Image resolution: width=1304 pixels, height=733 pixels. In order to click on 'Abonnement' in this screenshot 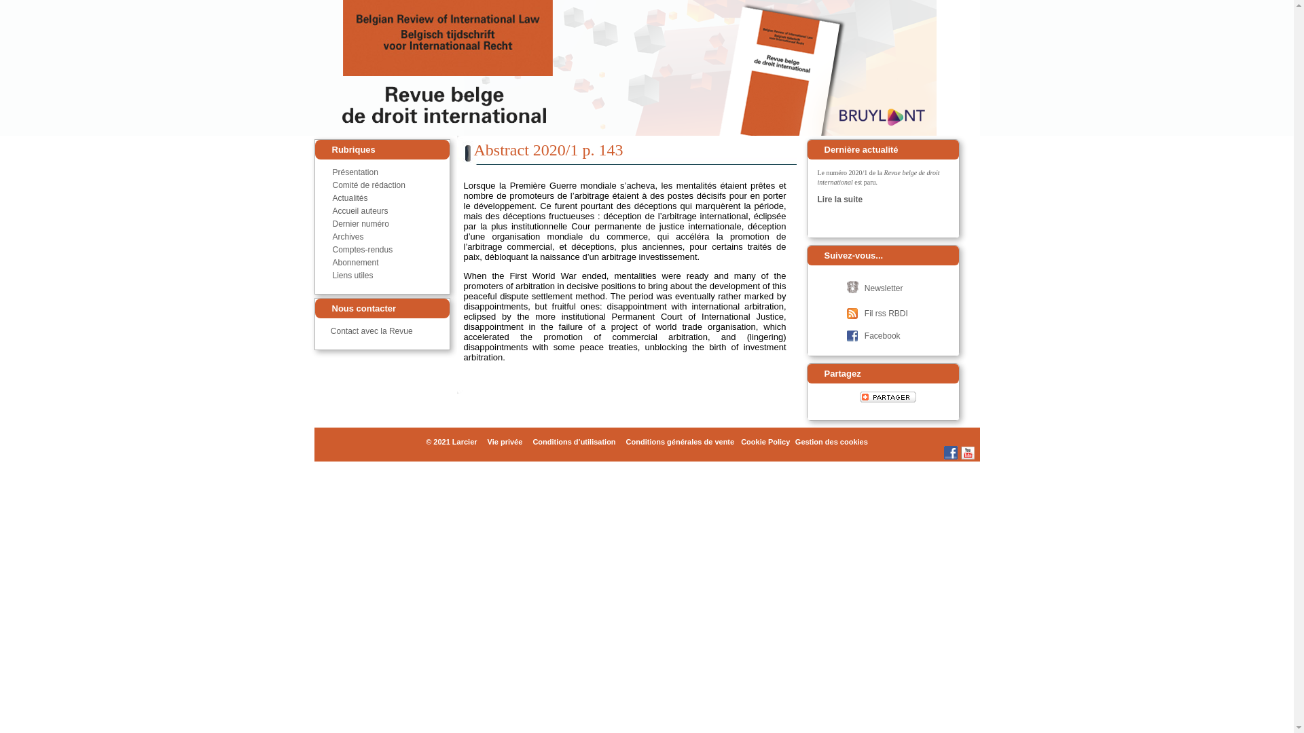, I will do `click(355, 262)`.